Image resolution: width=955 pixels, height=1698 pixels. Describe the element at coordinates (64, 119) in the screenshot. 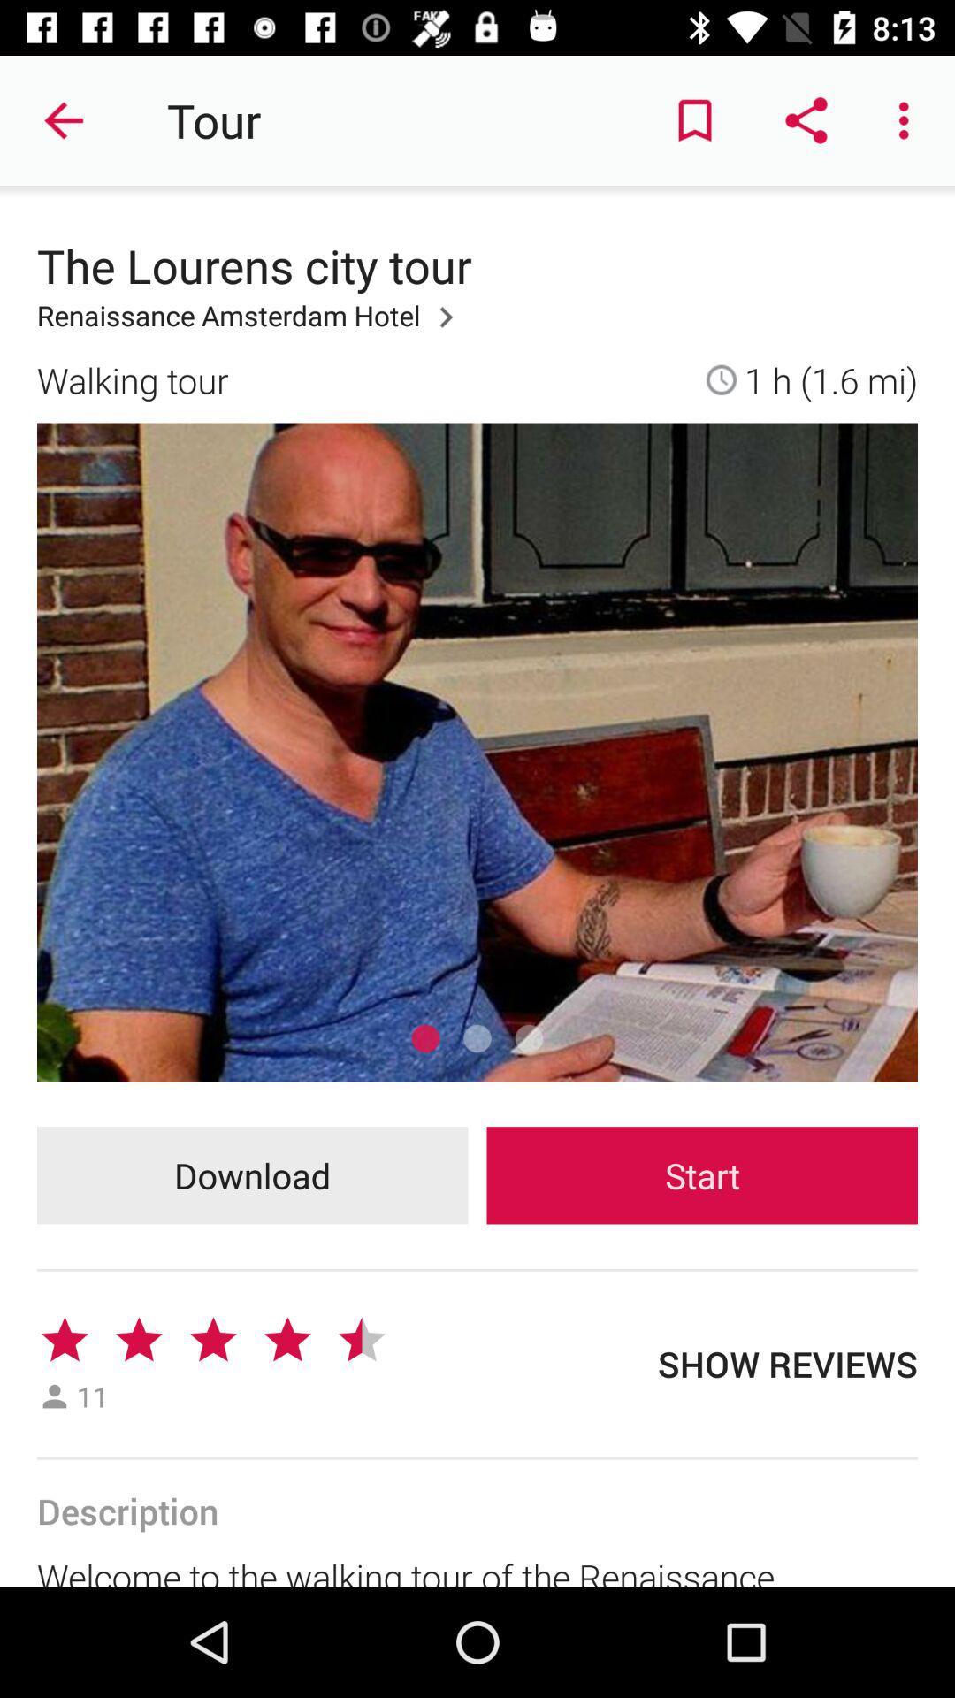

I see `go back` at that location.